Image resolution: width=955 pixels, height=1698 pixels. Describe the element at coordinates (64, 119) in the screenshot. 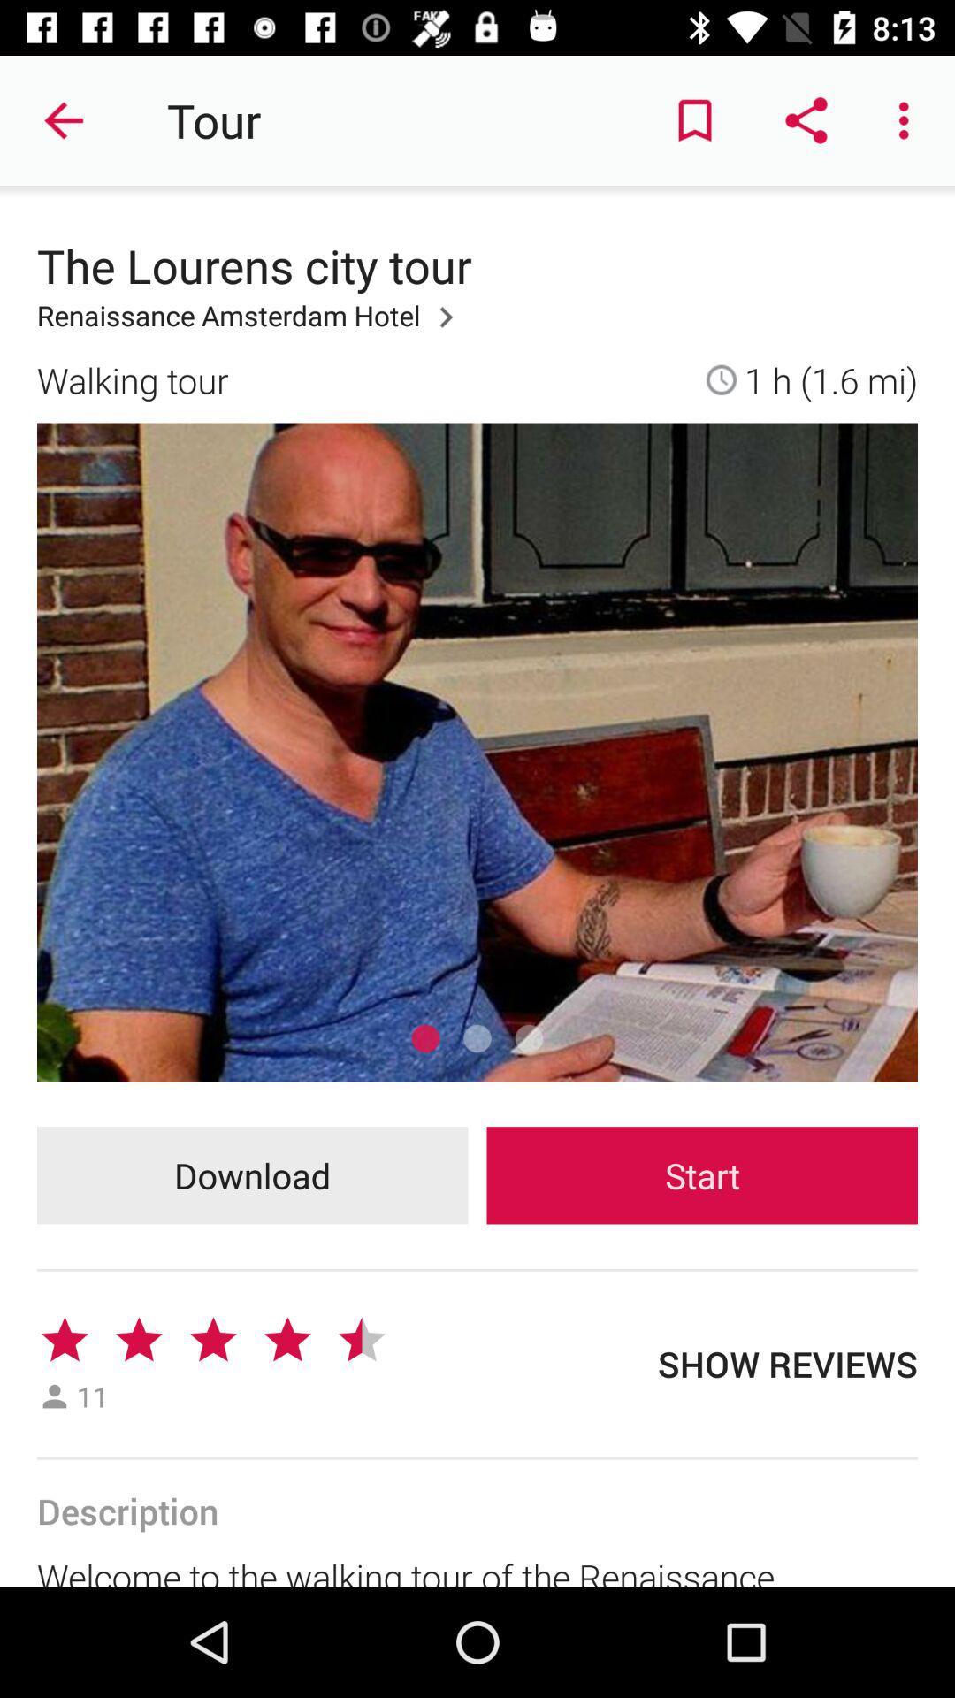

I see `go back` at that location.